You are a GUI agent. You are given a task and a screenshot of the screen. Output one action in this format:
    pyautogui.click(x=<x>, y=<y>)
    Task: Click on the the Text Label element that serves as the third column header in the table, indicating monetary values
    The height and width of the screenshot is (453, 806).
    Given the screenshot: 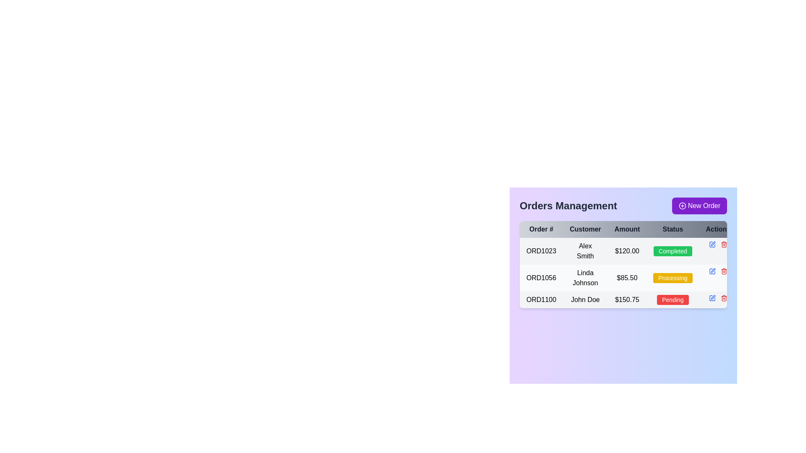 What is the action you would take?
    pyautogui.click(x=627, y=229)
    